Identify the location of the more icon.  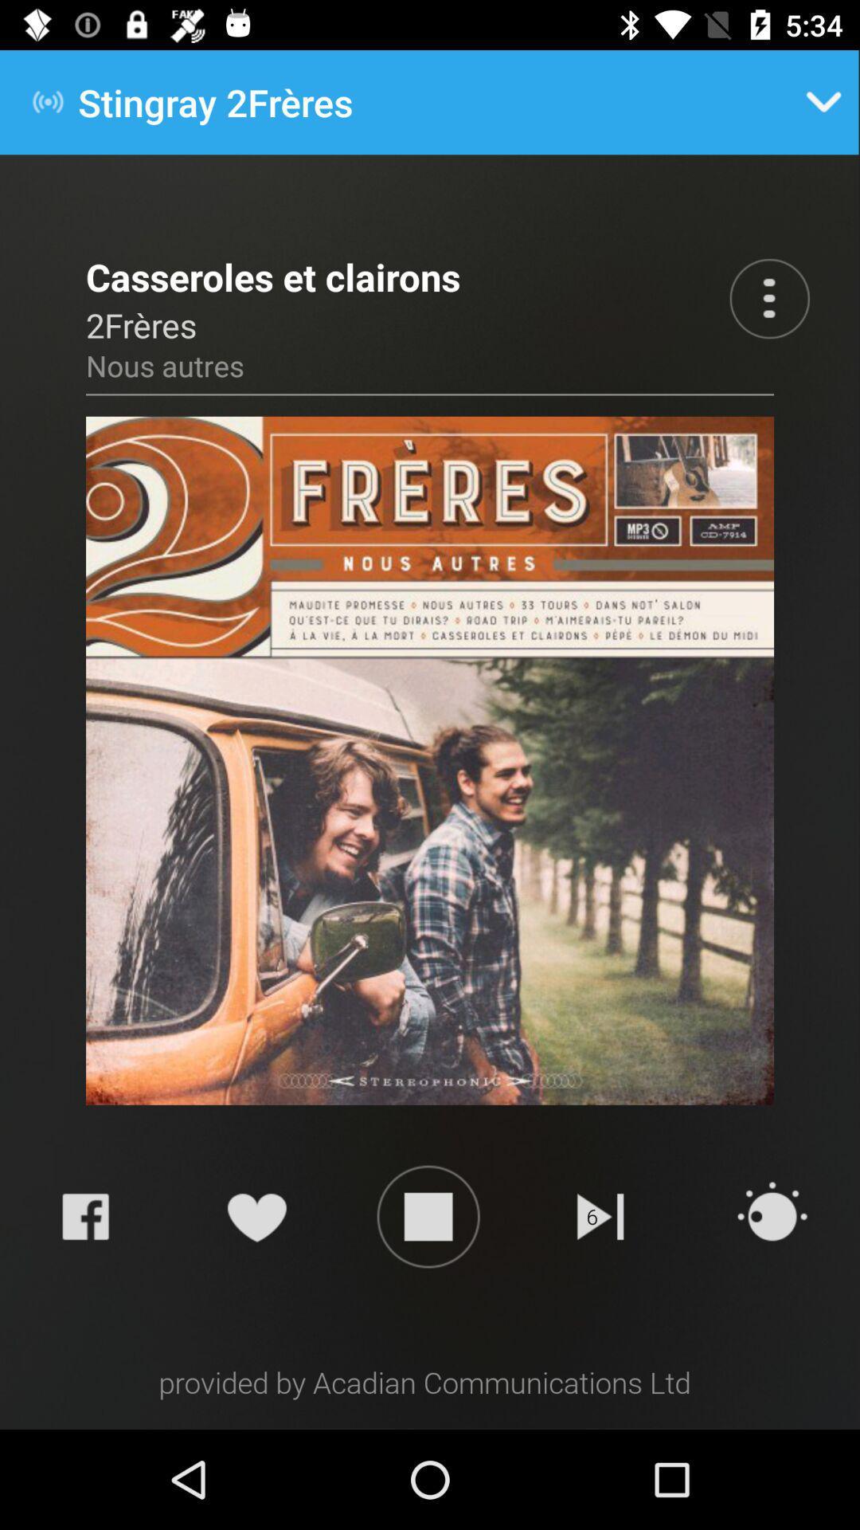
(768, 298).